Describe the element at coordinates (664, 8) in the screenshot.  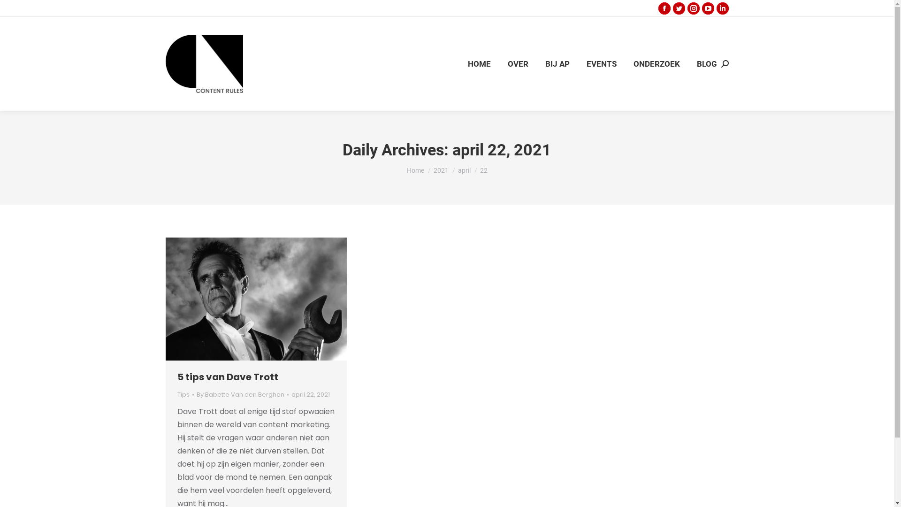
I see `'Facebook page opens in new window'` at that location.